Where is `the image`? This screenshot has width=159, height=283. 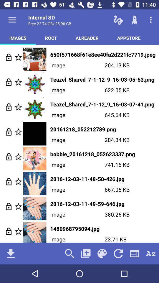
the image is located at coordinates (18, 156).